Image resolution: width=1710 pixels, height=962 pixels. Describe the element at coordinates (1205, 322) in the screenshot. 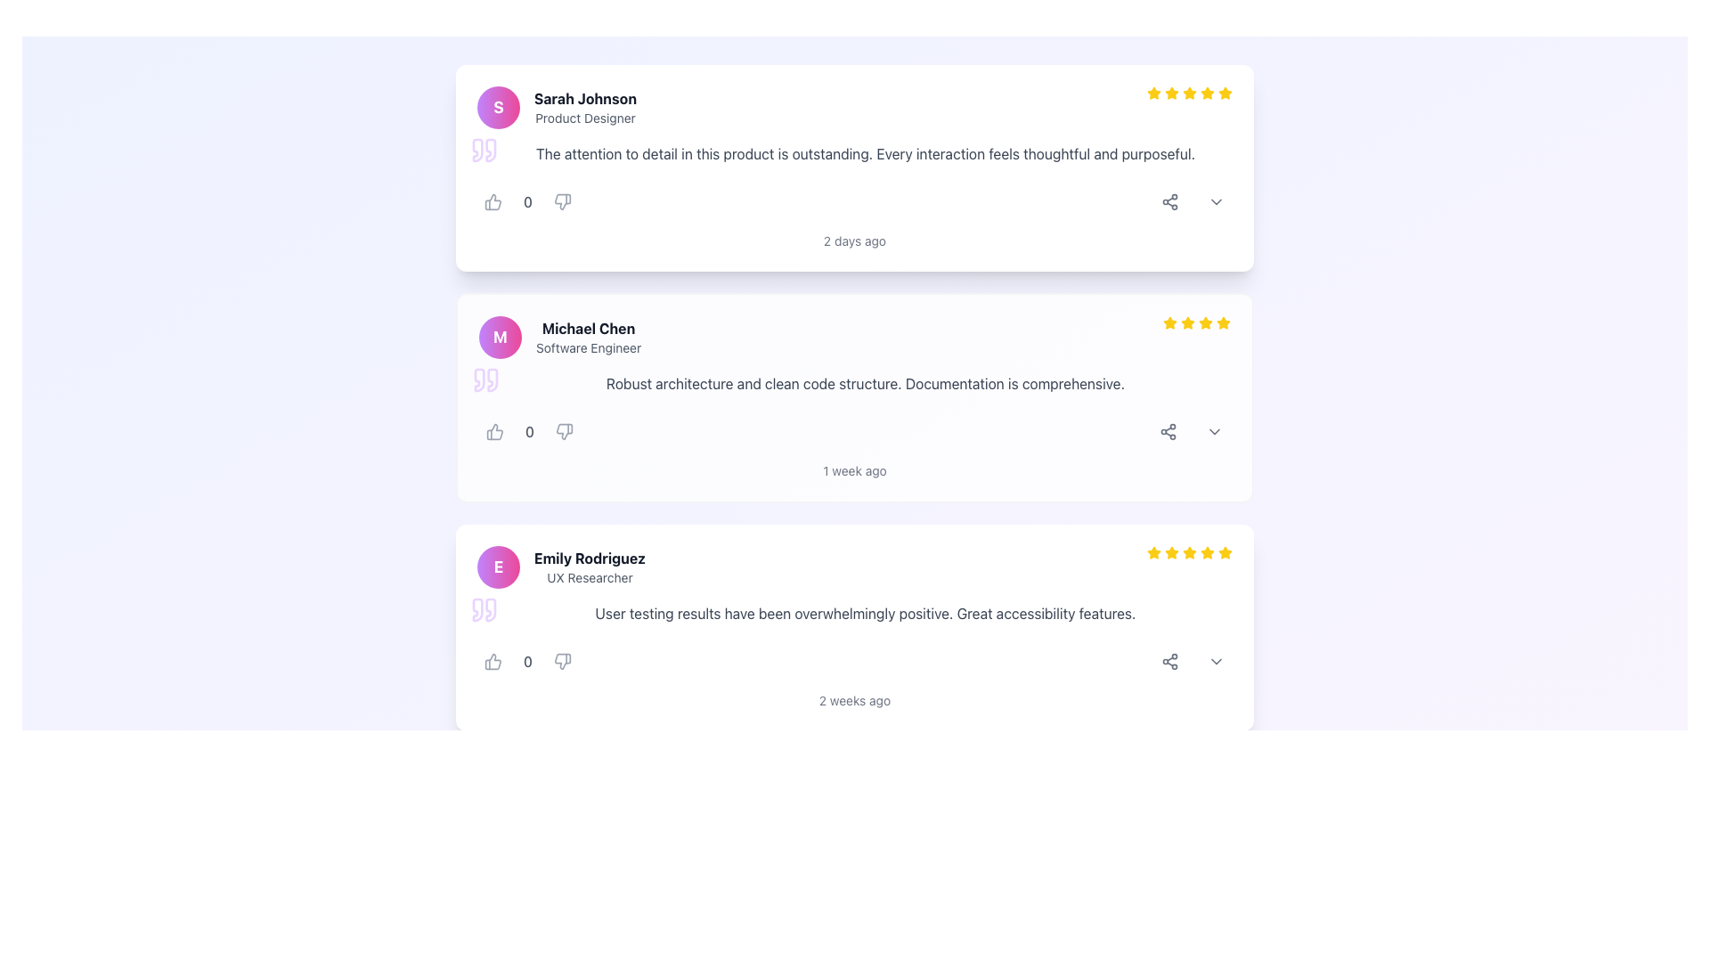

I see `the fourth star icon in the 5-star rating system located in the top-right corner of the user feedback card` at that location.